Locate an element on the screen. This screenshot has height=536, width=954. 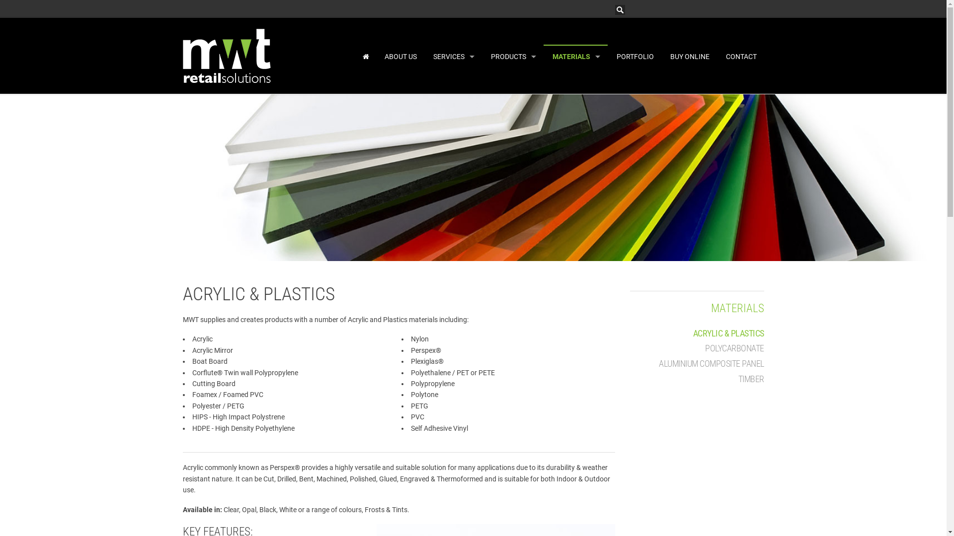
'PORTFOLIO' is located at coordinates (634, 56).